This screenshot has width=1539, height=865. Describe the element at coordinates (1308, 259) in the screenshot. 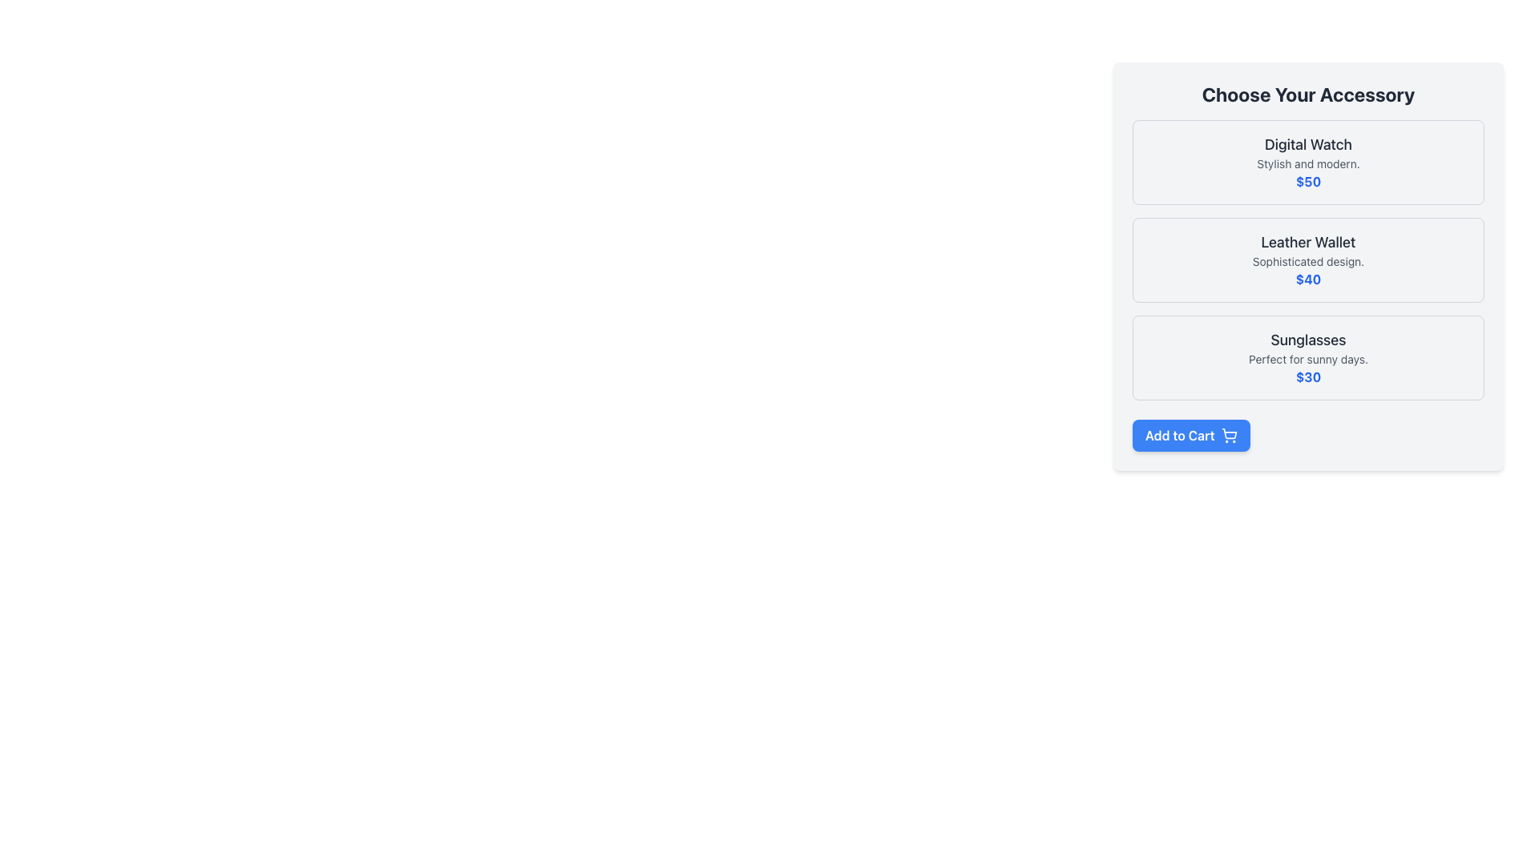

I see `the List item block containing the title 'Leather Wallet', the description 'Sophisticated design.', and the price '$40'` at that location.